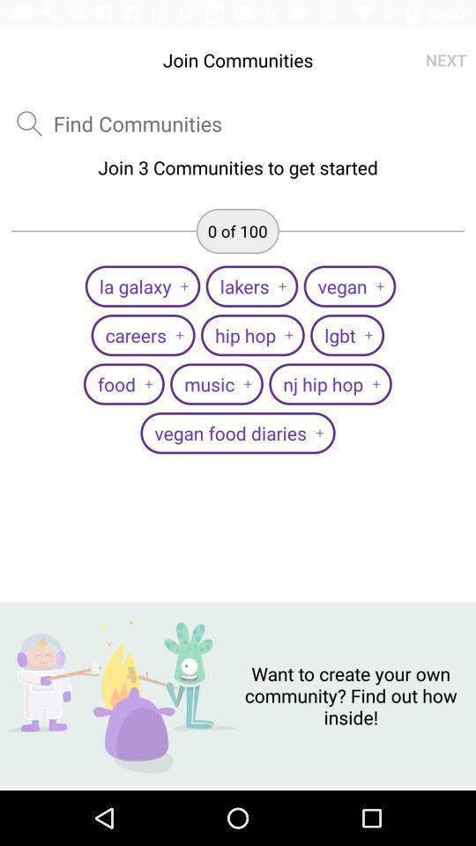 This screenshot has height=846, width=476. Describe the element at coordinates (28, 122) in the screenshot. I see `search` at that location.